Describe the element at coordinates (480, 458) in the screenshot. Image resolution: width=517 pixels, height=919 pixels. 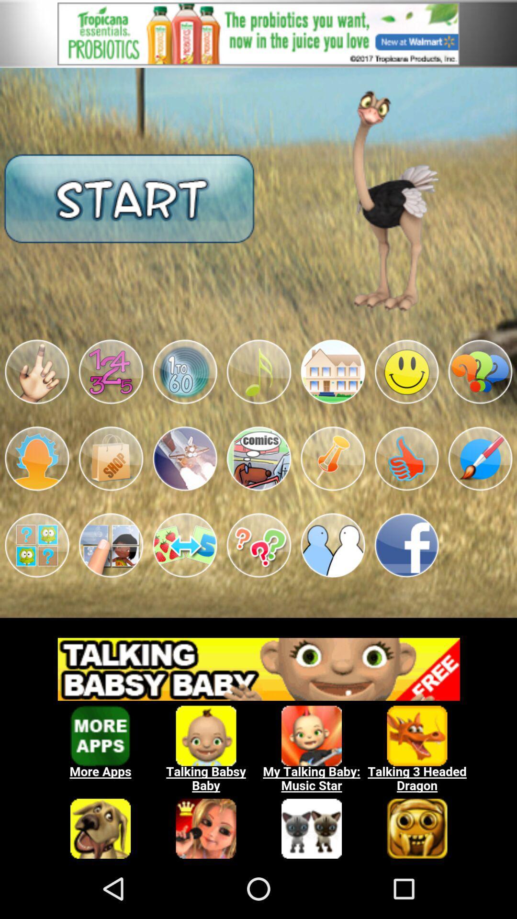
I see `paintbrush icon` at that location.